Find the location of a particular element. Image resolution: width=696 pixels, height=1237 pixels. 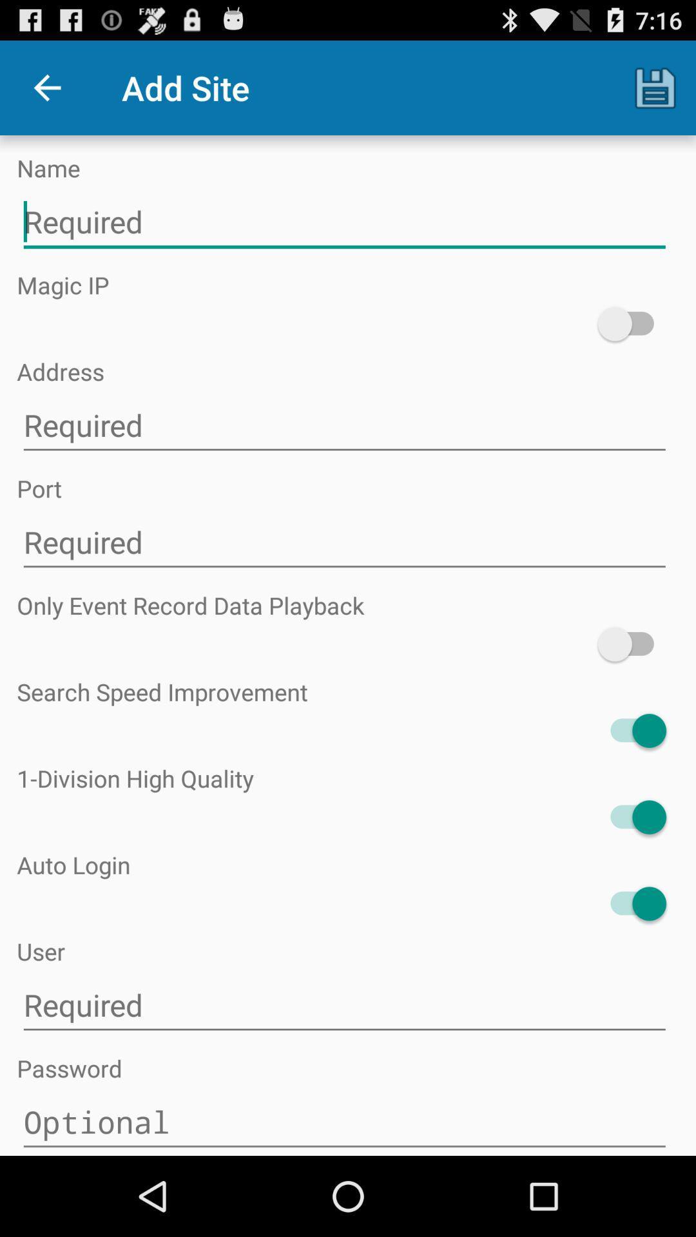

the icon above password is located at coordinates (343, 1004).